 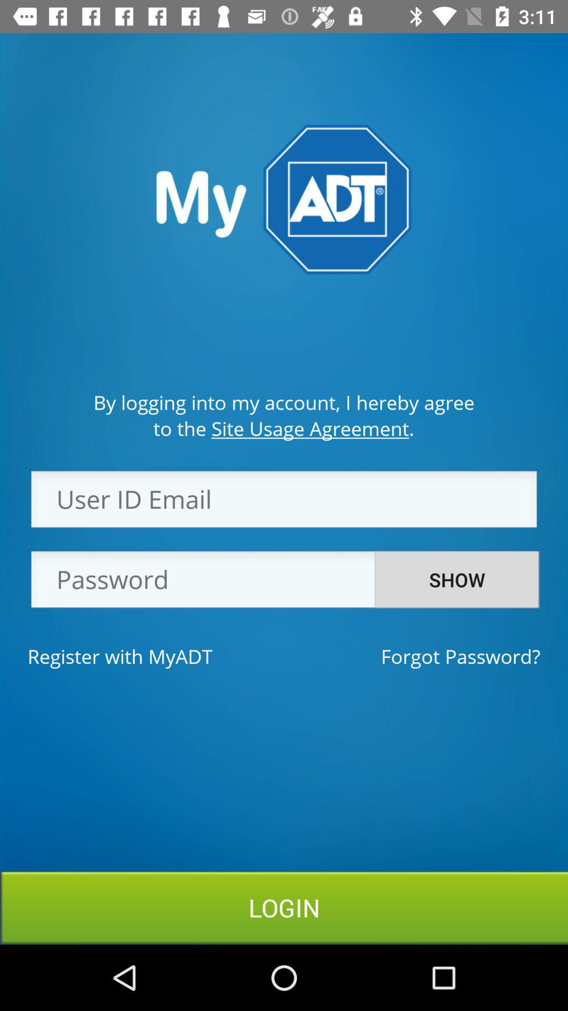 I want to click on item below the by logging into, so click(x=283, y=428).